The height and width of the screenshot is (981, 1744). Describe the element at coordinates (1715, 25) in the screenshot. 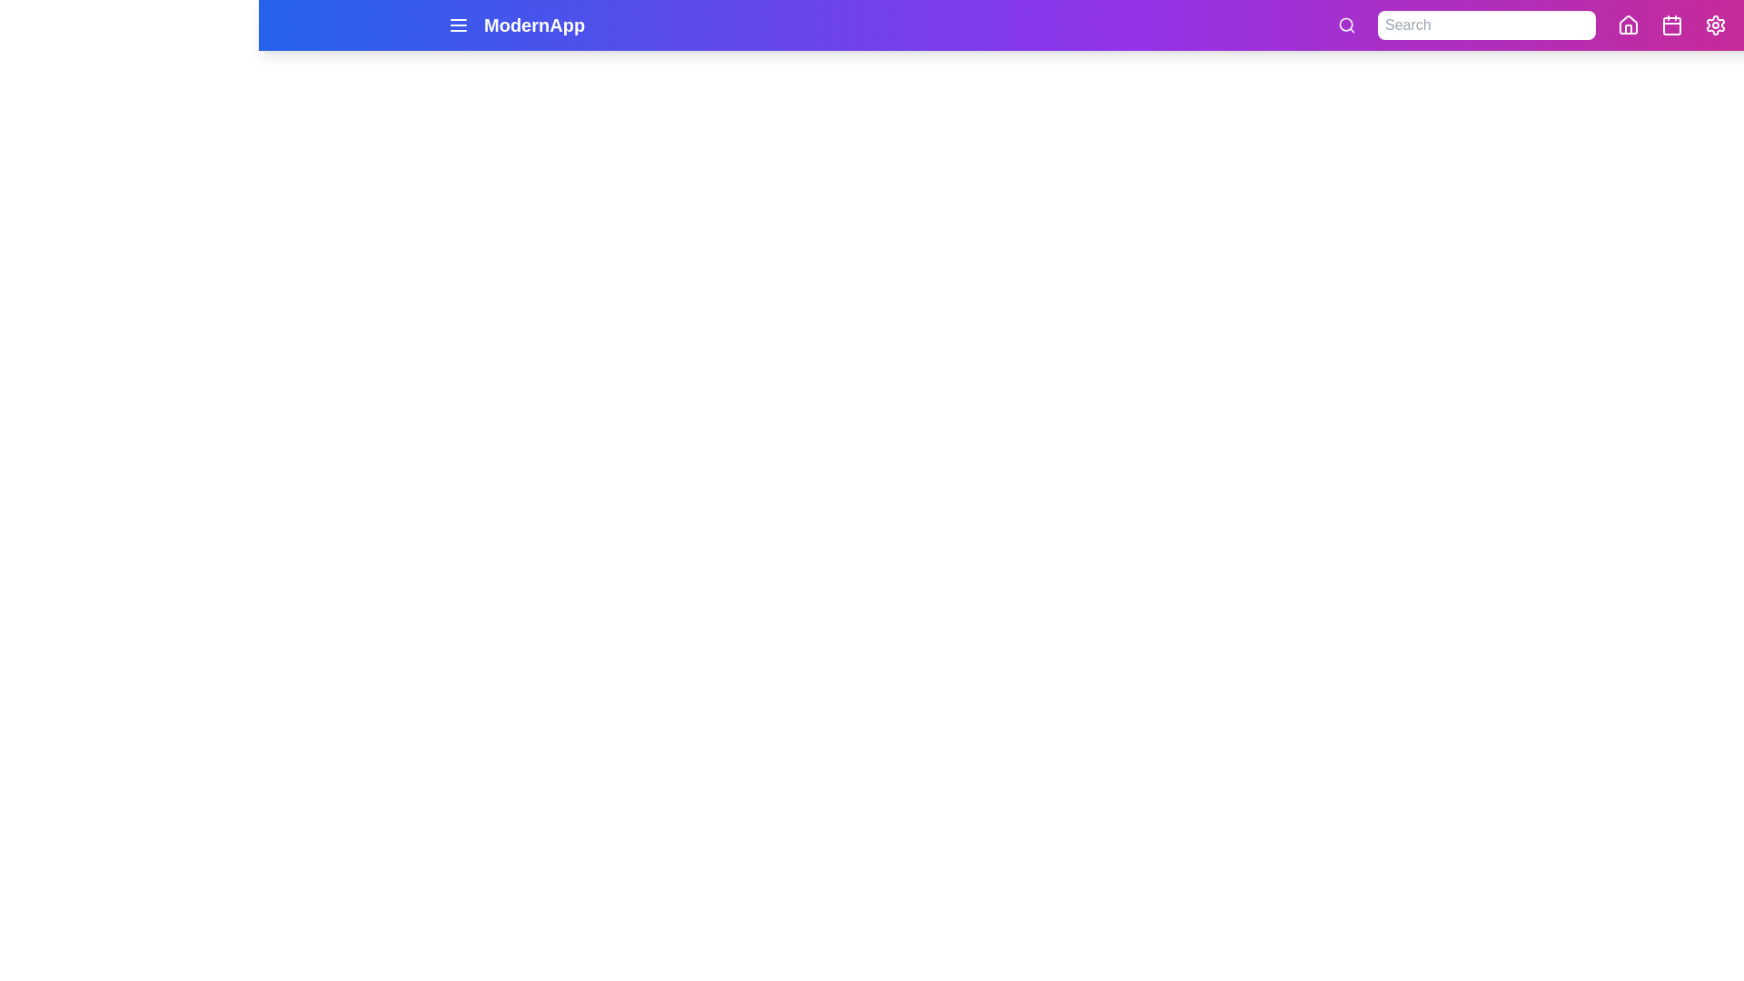

I see `the cogwheel-like icon located at the top-right corner of the interface, which is part of a horizontal toolbar and follows a house icon and a calendar icon` at that location.